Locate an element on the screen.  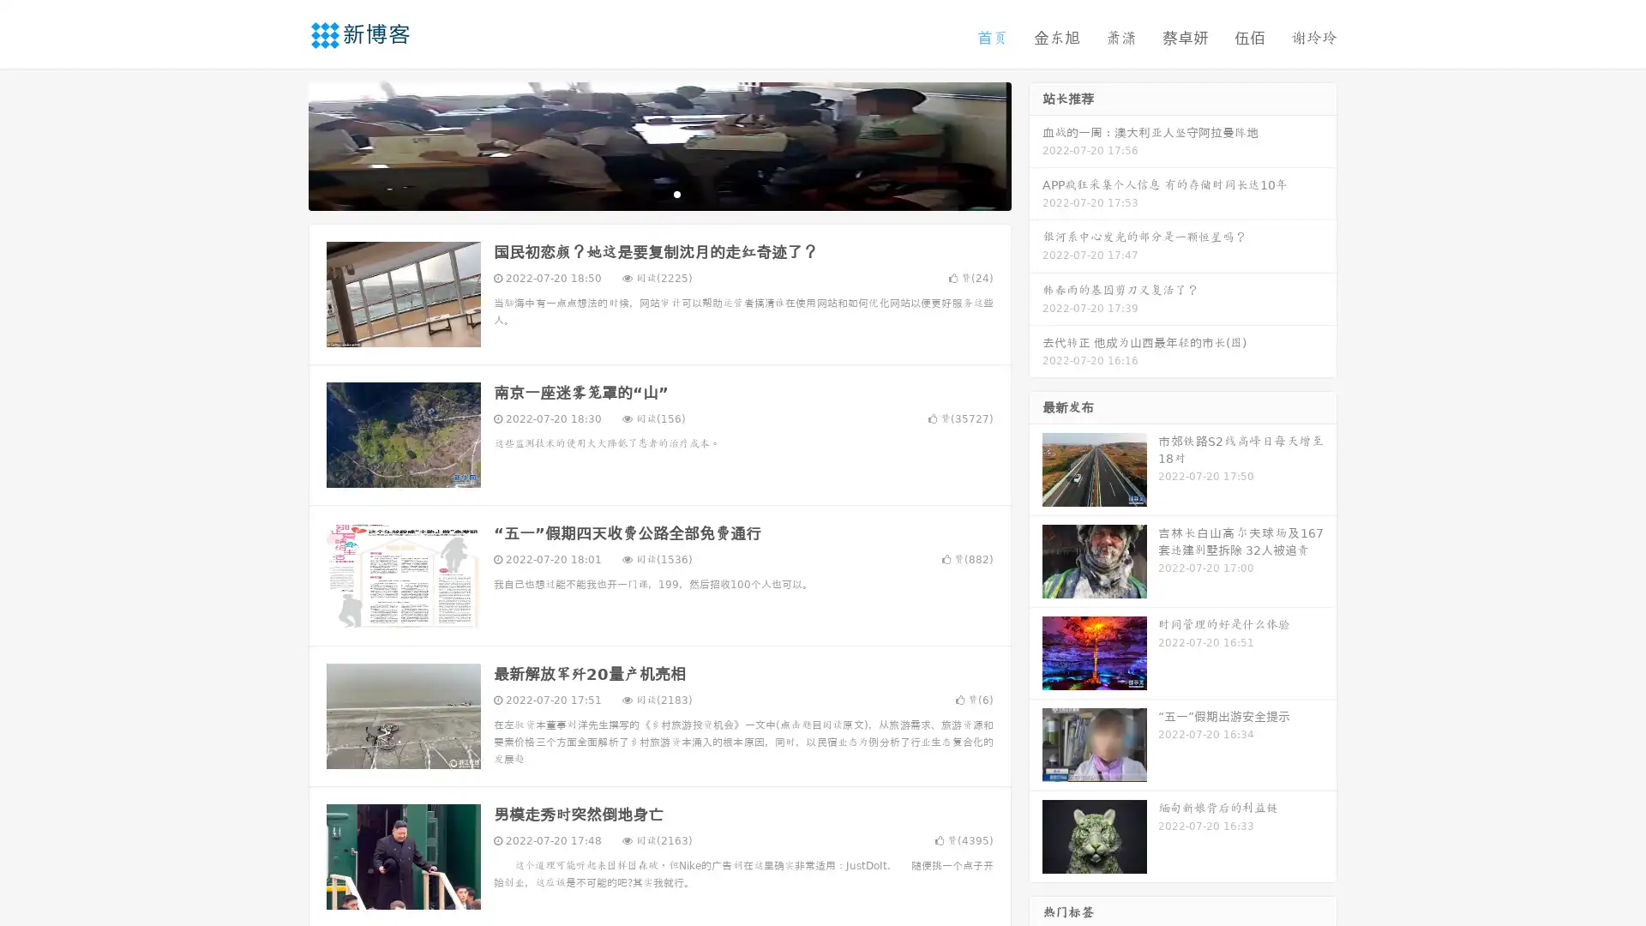
Next slide is located at coordinates (1036, 144).